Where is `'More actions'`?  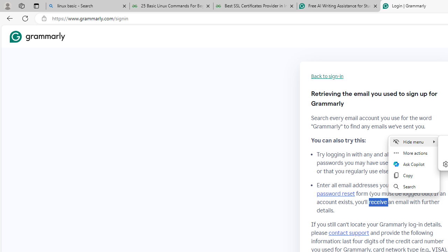 'More actions' is located at coordinates (414, 153).